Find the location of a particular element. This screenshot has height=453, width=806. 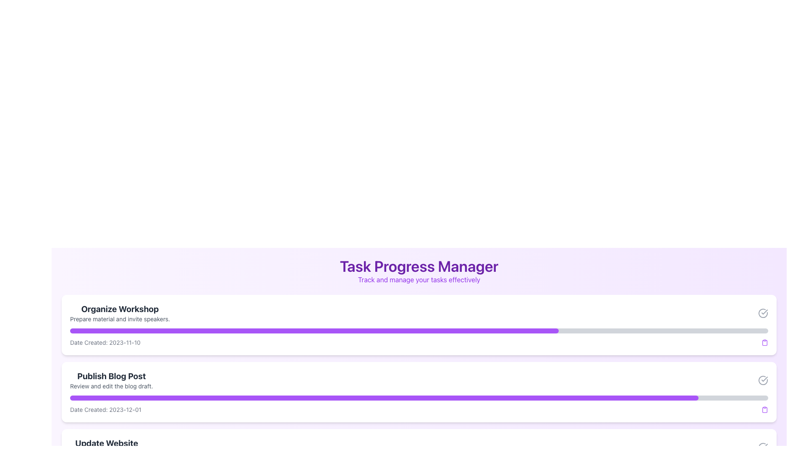

the checkmark icon in the SVG graphic that indicates a subtle inactive state, located in the 'Organize Workshop' section of the task management interface is located at coordinates (764, 379).